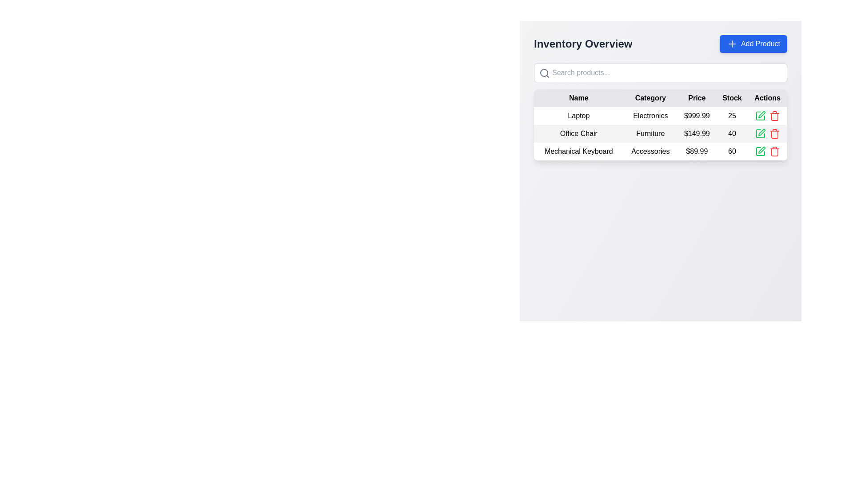  Describe the element at coordinates (732, 98) in the screenshot. I see `the 'Stock' text label, which is a bold, black font element against a light gray background, positioned fourth among similar text labels in the tabular header area` at that location.